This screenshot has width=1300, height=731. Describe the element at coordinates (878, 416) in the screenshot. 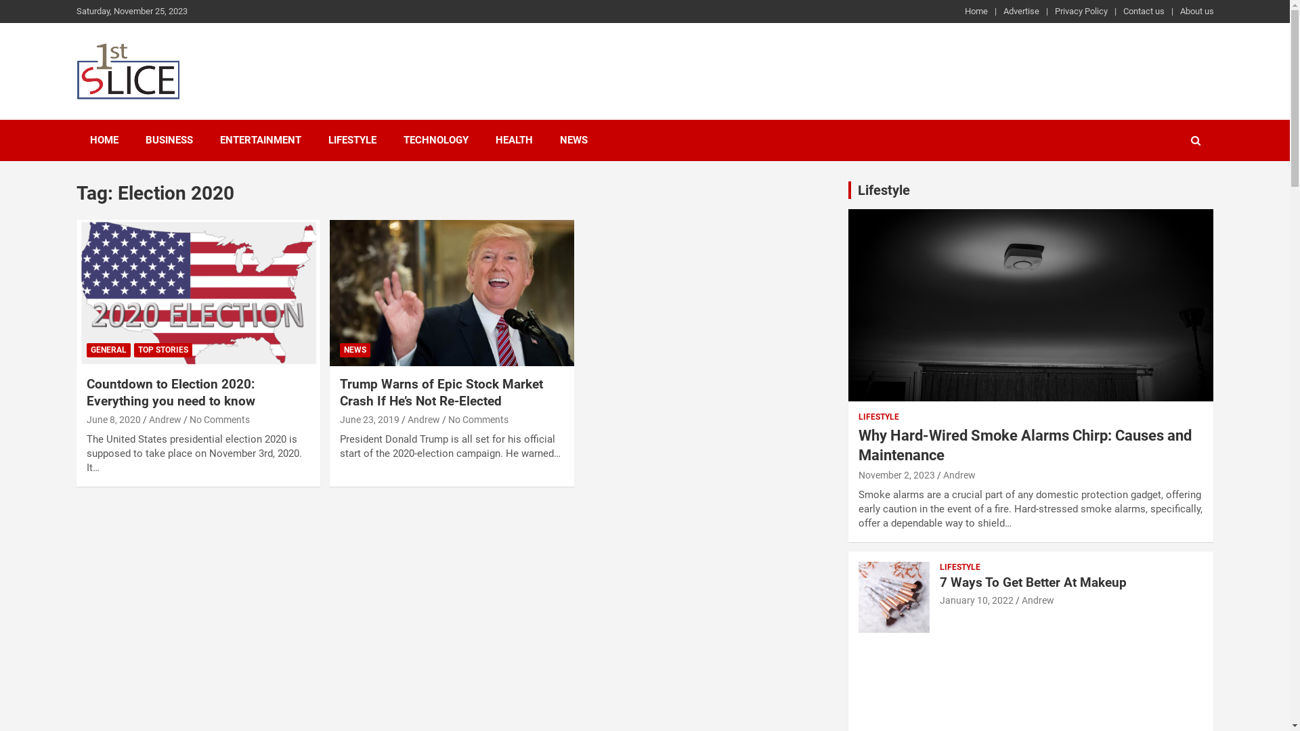

I see `'LIFESTYLE'` at that location.